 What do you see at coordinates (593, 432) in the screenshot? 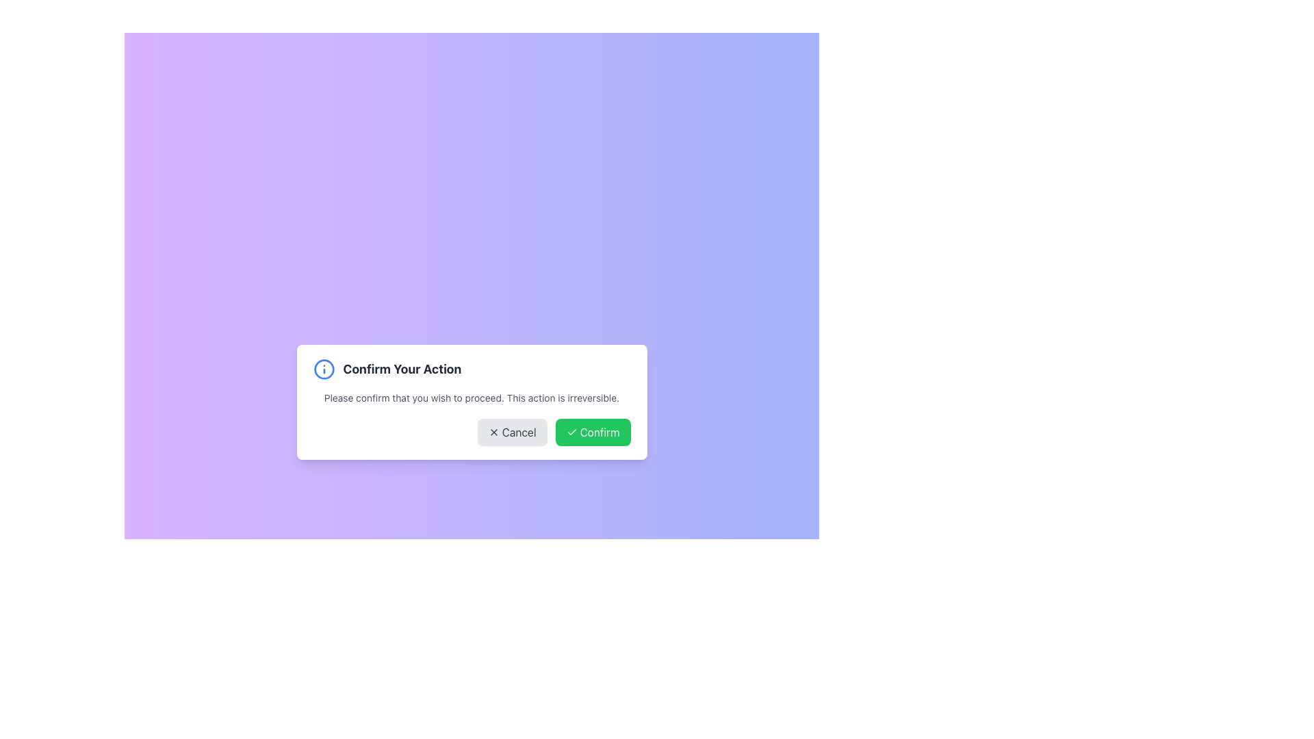
I see `the confirm button located to the right of the Cancel button in the footer of the modal dialog to confirm the operation` at bounding box center [593, 432].